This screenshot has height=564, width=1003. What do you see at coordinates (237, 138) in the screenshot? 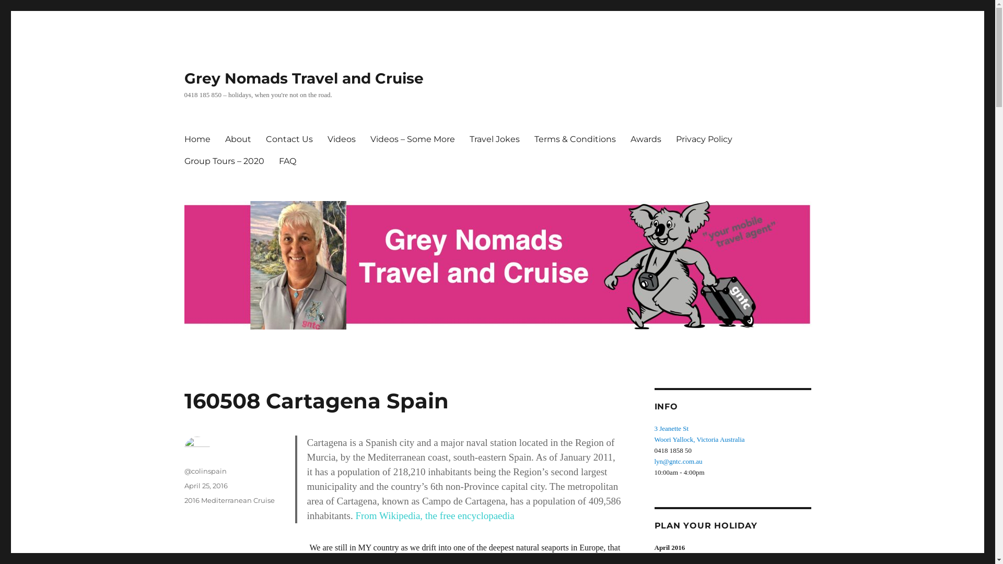
I see `'About'` at bounding box center [237, 138].